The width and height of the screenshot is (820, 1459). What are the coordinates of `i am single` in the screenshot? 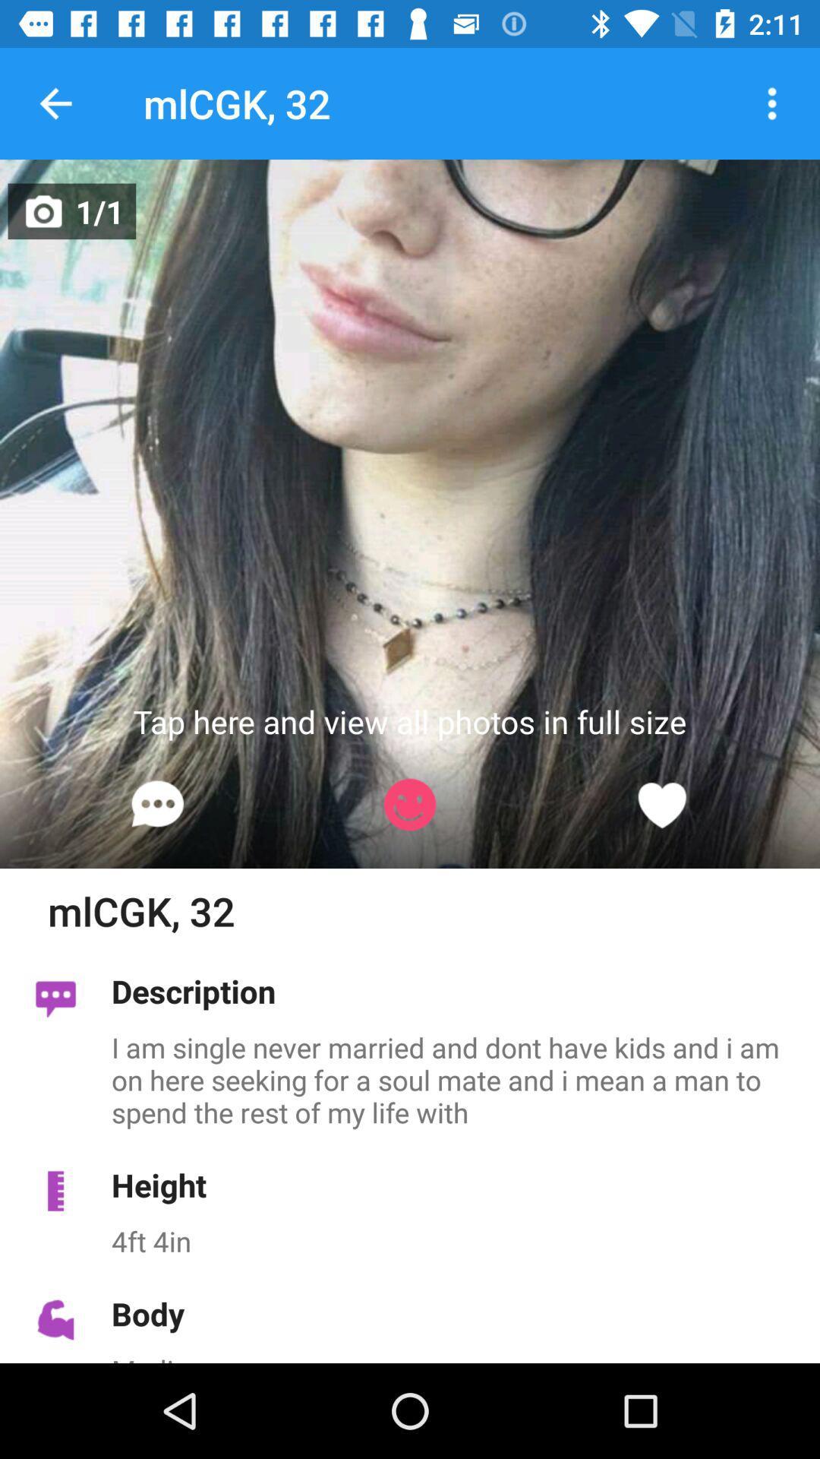 It's located at (456, 1079).